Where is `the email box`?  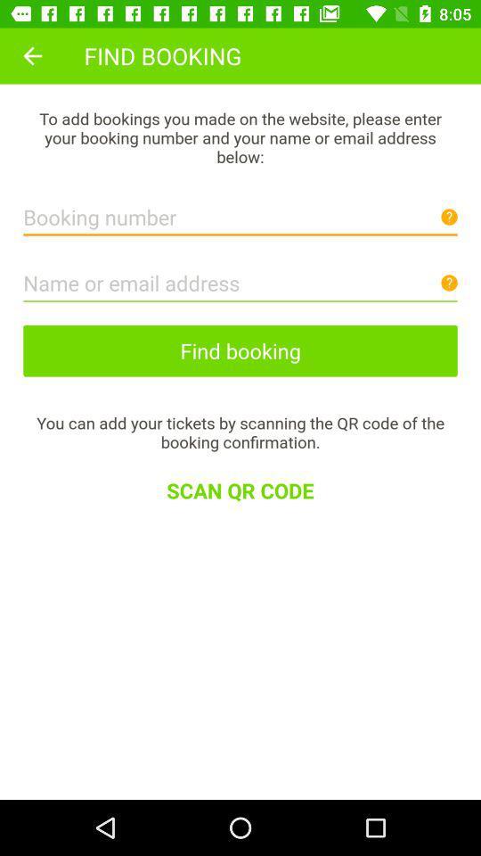
the email box is located at coordinates (240, 278).